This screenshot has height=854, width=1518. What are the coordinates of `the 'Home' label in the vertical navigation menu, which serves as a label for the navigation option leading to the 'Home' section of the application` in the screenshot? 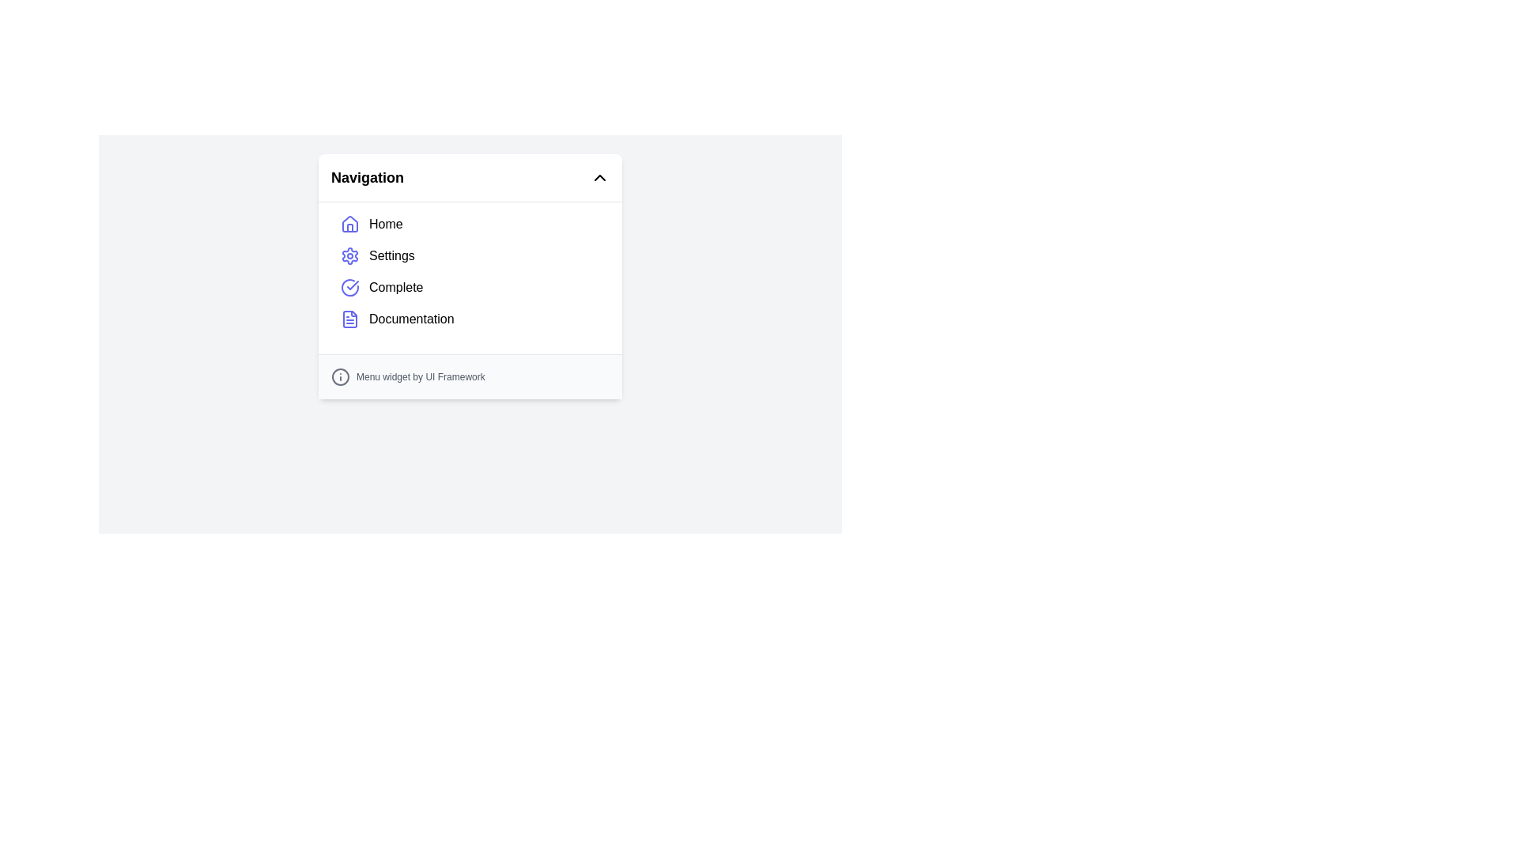 It's located at (386, 225).